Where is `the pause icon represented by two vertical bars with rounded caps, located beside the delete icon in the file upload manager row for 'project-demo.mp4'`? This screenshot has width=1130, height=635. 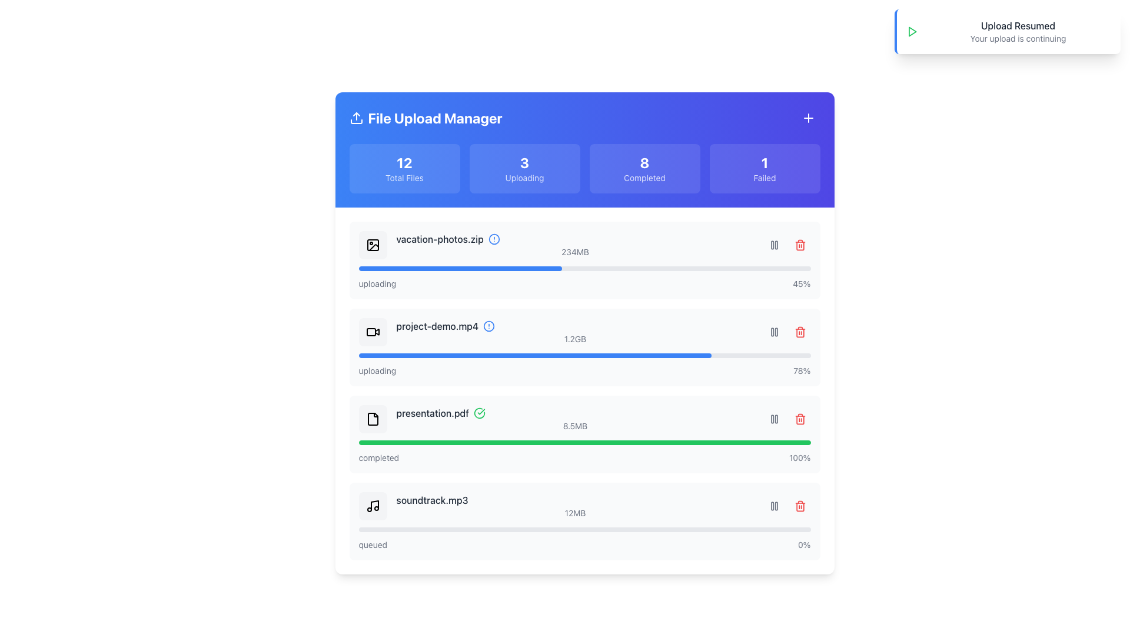
the pause icon represented by two vertical bars with rounded caps, located beside the delete icon in the file upload manager row for 'project-demo.mp4' is located at coordinates (774, 332).